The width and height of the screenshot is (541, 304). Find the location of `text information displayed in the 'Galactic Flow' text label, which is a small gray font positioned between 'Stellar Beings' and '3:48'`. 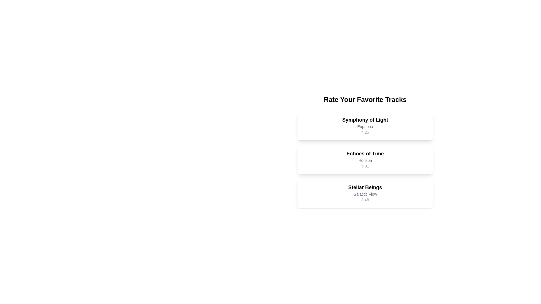

text information displayed in the 'Galactic Flow' text label, which is a small gray font positioned between 'Stellar Beings' and '3:48' is located at coordinates (365, 194).